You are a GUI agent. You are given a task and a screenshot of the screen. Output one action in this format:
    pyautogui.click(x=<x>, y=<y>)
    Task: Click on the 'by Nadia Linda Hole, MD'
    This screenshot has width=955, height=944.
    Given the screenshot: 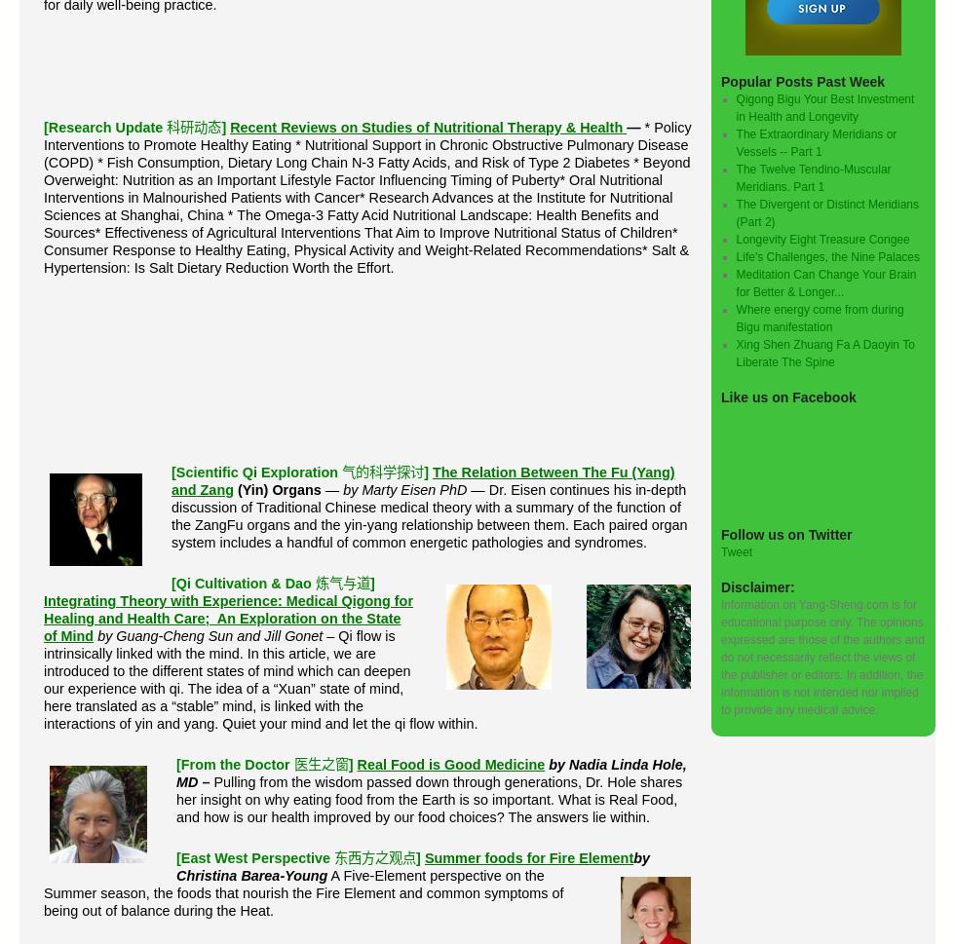 What is the action you would take?
    pyautogui.click(x=431, y=773)
    